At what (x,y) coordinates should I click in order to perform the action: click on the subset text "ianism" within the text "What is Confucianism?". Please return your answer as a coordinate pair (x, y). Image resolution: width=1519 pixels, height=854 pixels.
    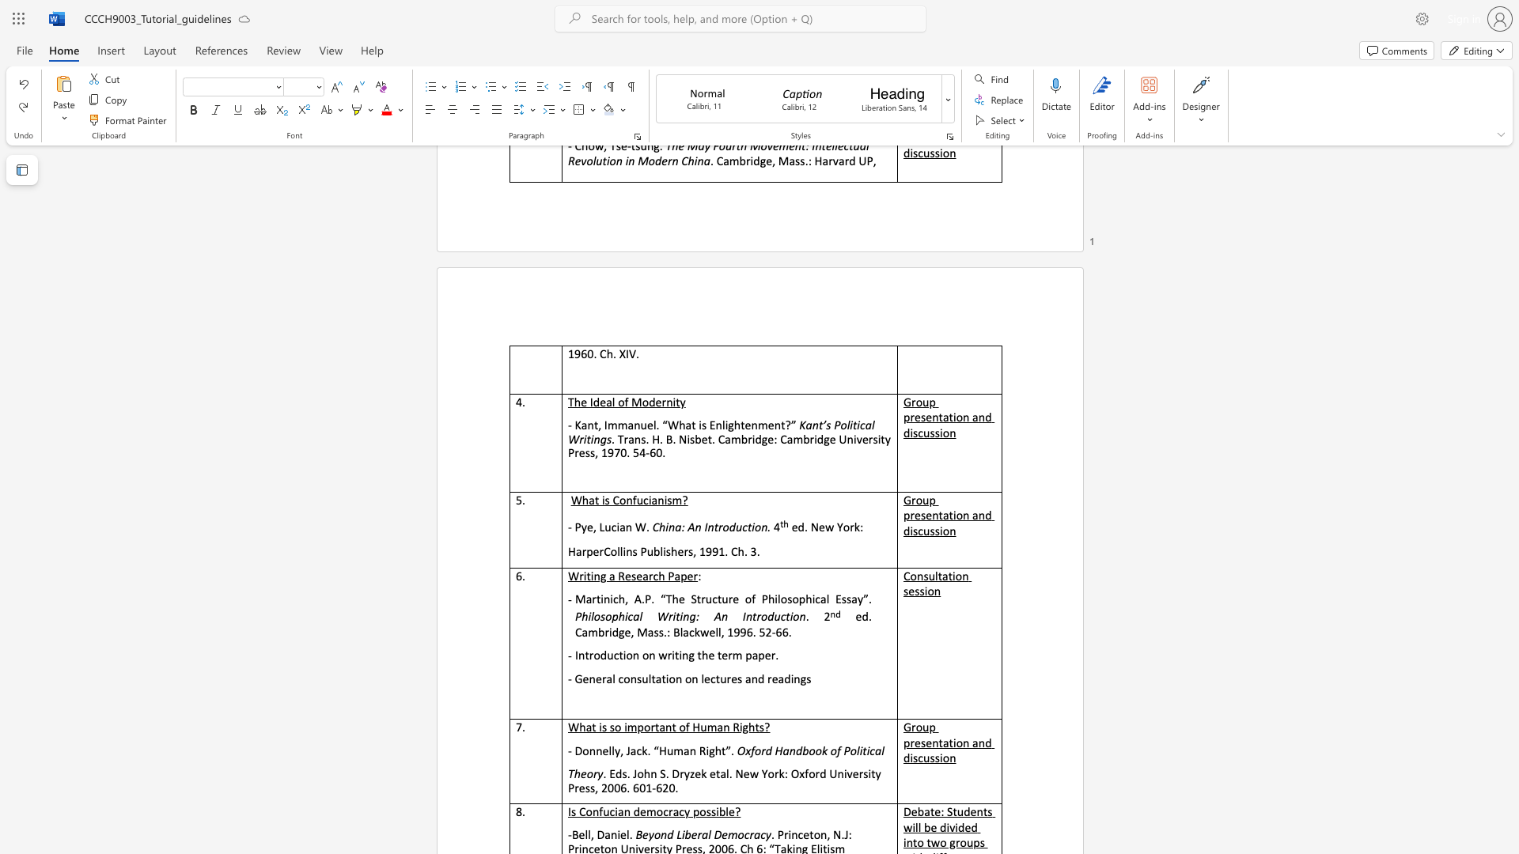
    Looking at the image, I should click on (648, 500).